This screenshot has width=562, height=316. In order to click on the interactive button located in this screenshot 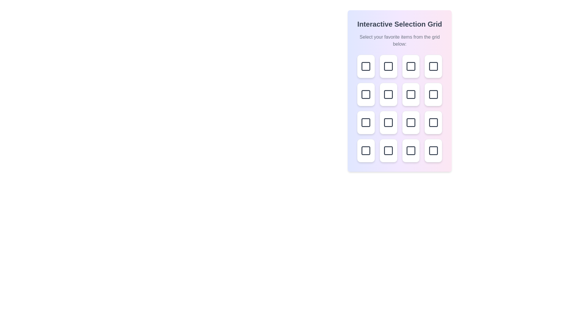, I will do `click(365, 150)`.